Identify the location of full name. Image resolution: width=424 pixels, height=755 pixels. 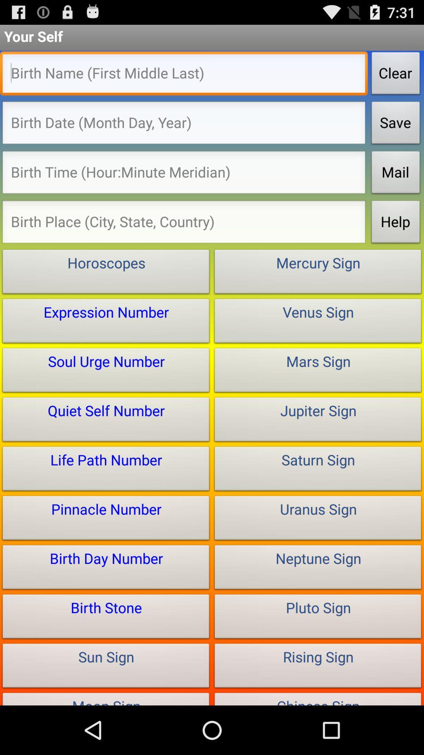
(184, 75).